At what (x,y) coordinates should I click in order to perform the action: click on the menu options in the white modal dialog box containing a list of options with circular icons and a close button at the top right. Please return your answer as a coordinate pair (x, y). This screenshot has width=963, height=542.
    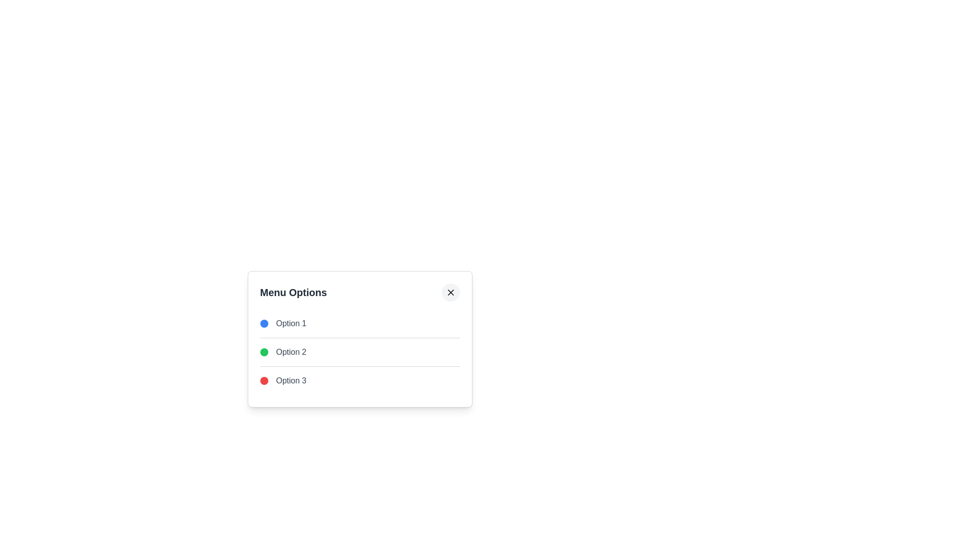
    Looking at the image, I should click on (360, 352).